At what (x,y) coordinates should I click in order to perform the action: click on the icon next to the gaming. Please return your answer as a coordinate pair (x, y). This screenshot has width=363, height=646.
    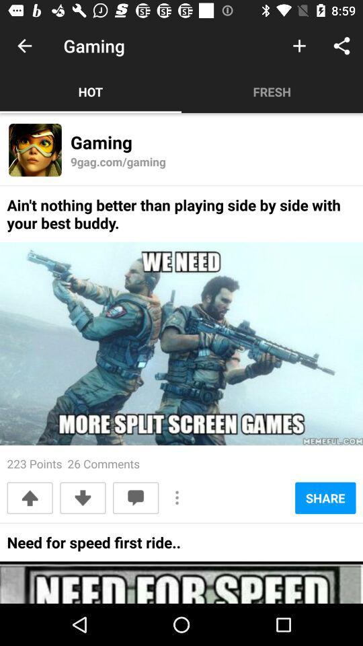
    Looking at the image, I should click on (299, 46).